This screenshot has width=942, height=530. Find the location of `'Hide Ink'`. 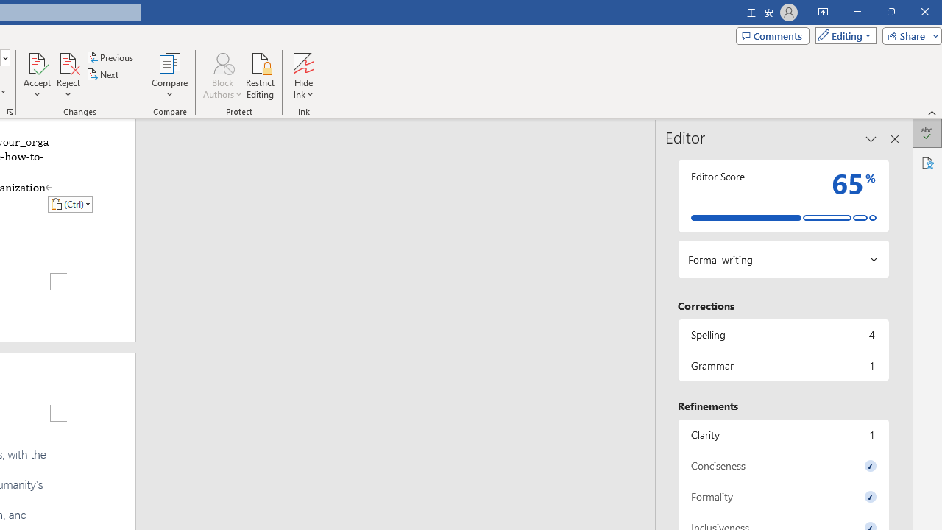

'Hide Ink' is located at coordinates (302, 76).